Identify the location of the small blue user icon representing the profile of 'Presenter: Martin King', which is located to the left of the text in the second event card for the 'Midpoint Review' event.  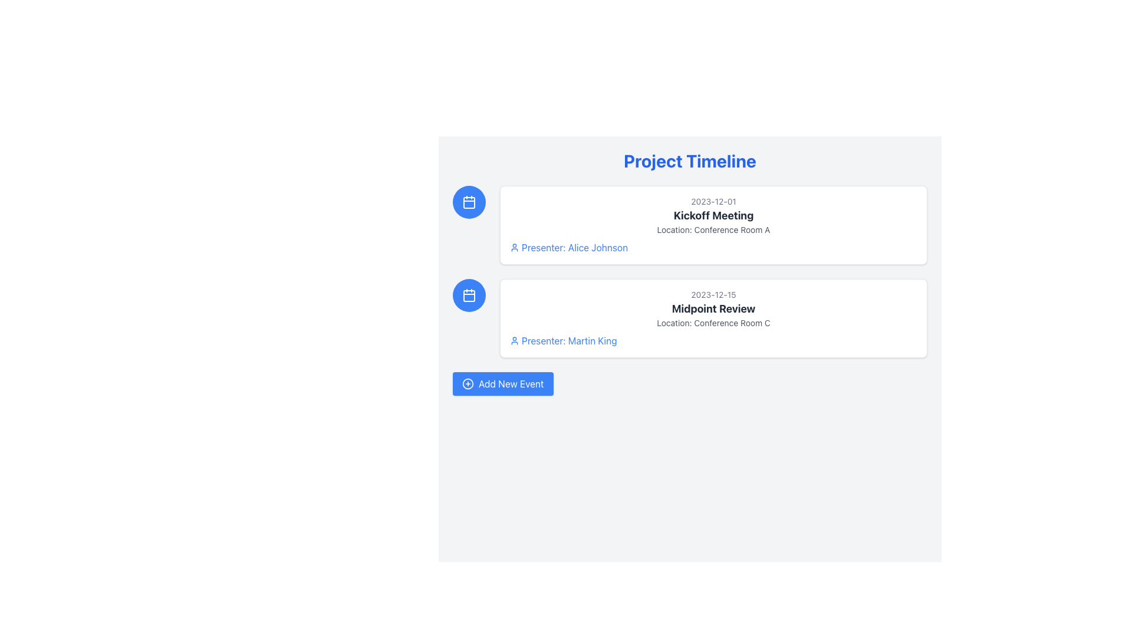
(515, 341).